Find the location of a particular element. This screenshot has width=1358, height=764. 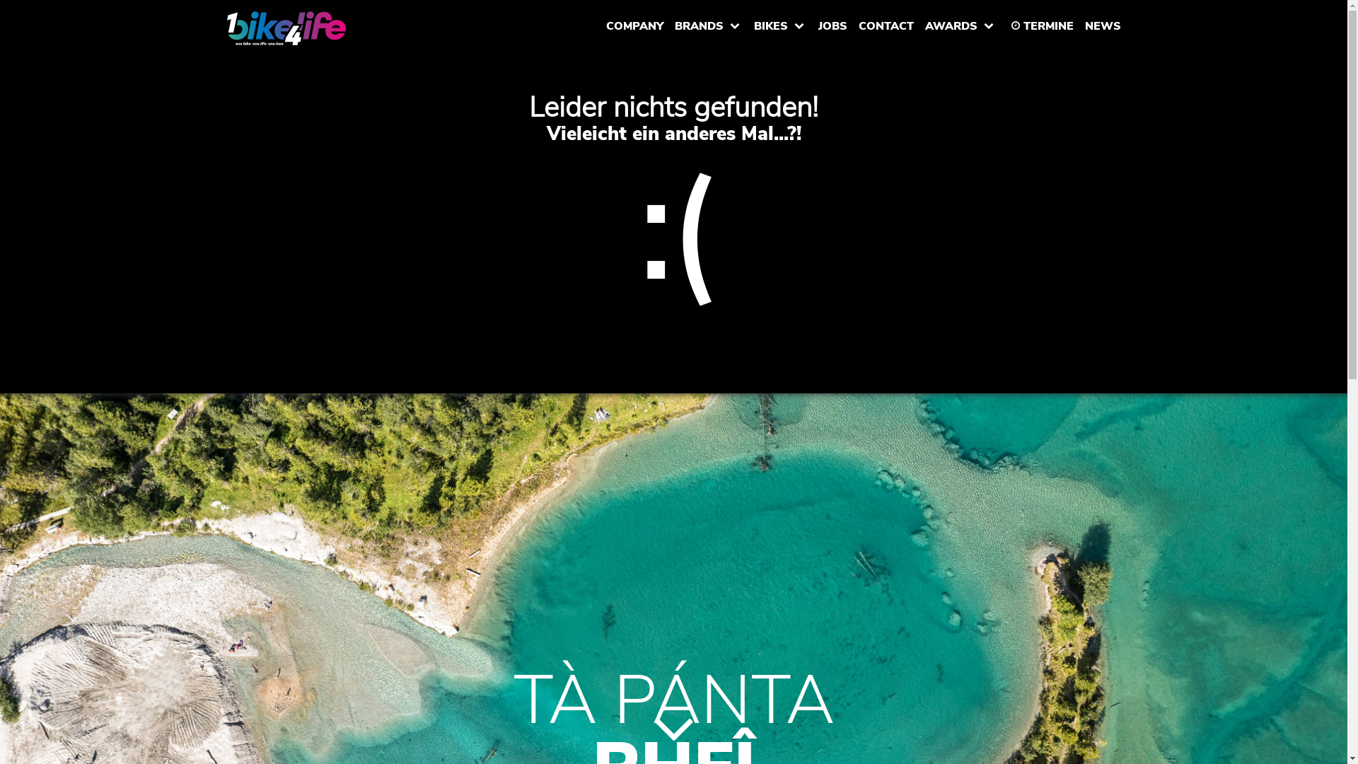

'JOBS' is located at coordinates (832, 25).